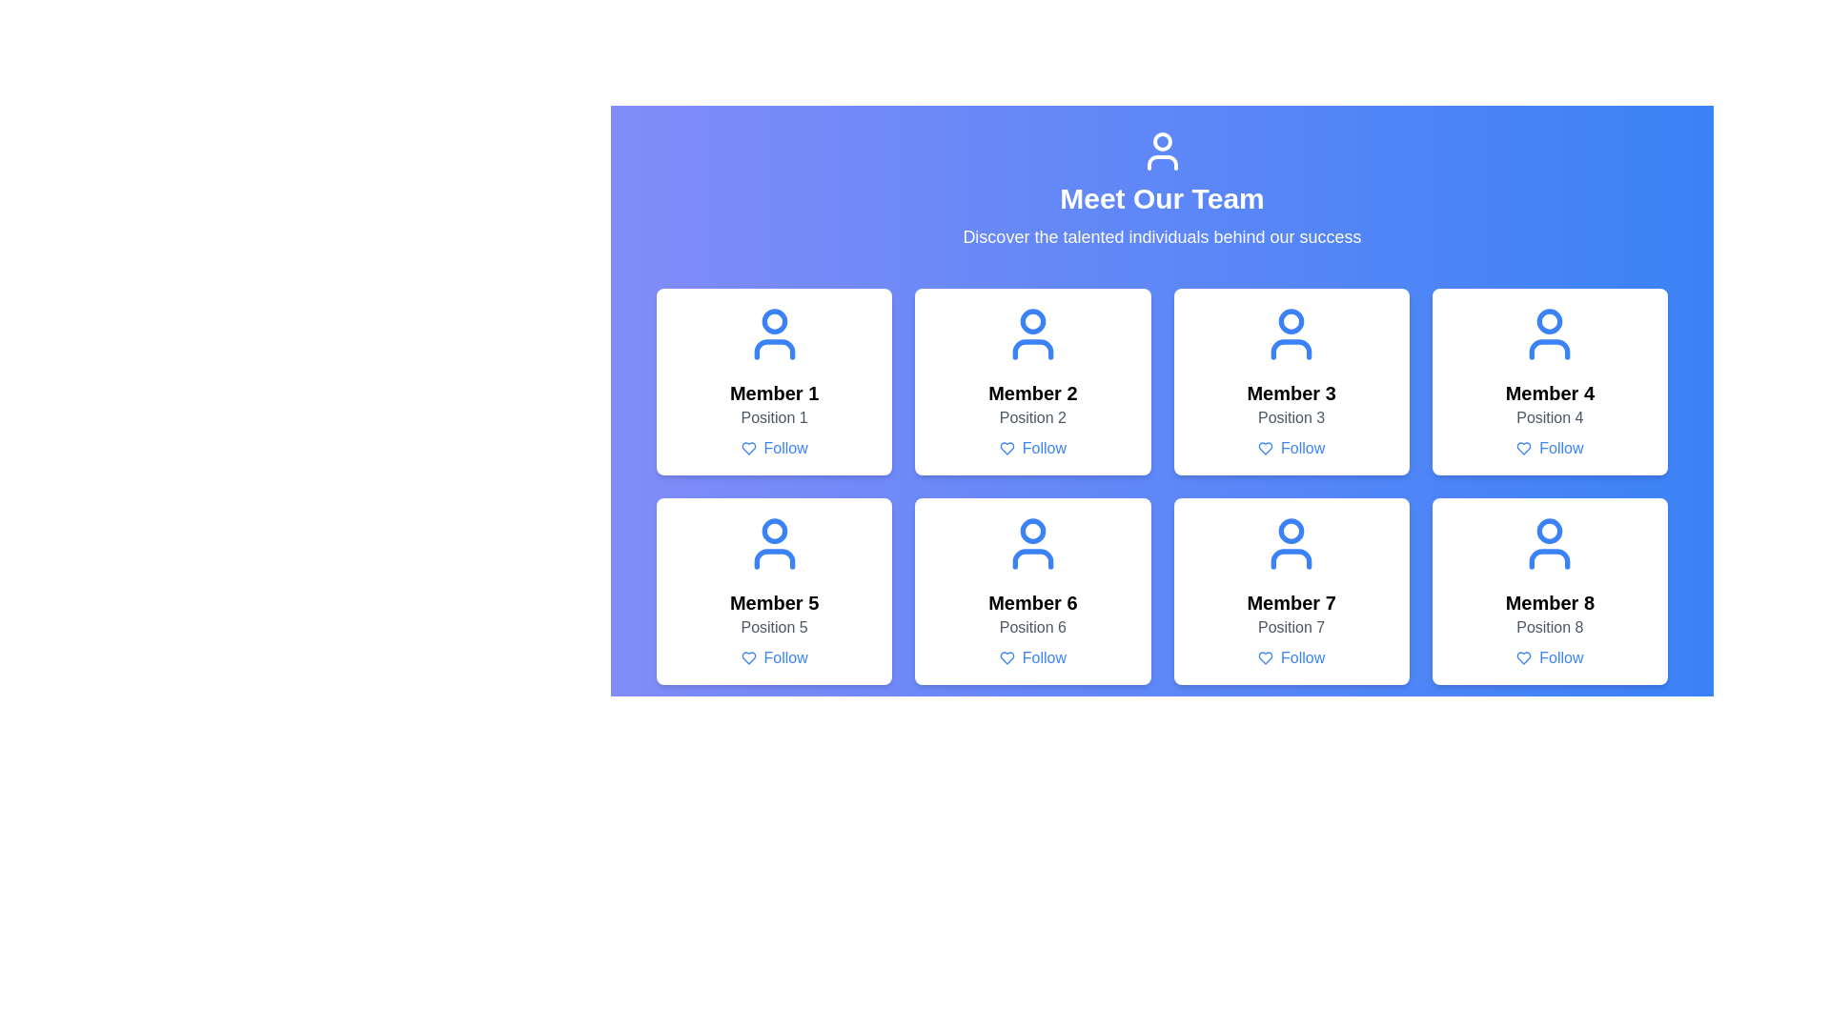  What do you see at coordinates (1291, 602) in the screenshot?
I see `the text label that serves as a title or identifier for the seventh card in the grid layout, located in the second row and third column, positioned above 'Position 7' and below the user icon` at bounding box center [1291, 602].